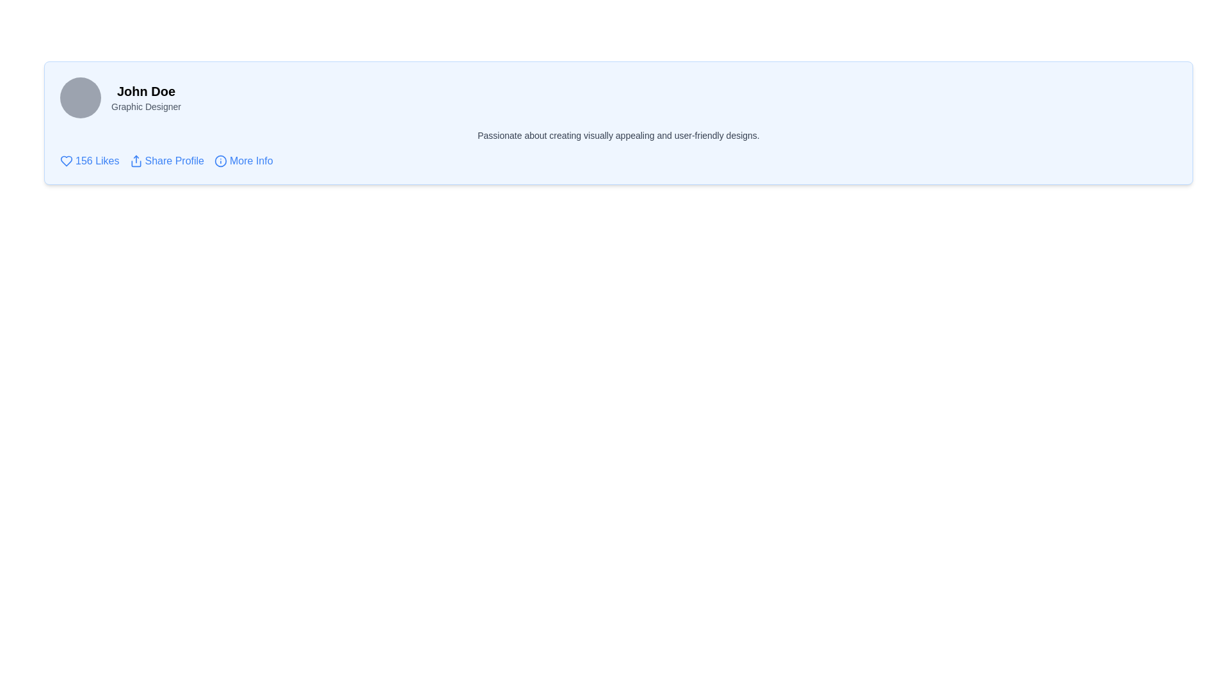 The width and height of the screenshot is (1229, 691). I want to click on the 'Share Profile' text label located in the bottom section of the card layout, positioned between '156 Likes' and 'More Info', so click(173, 160).